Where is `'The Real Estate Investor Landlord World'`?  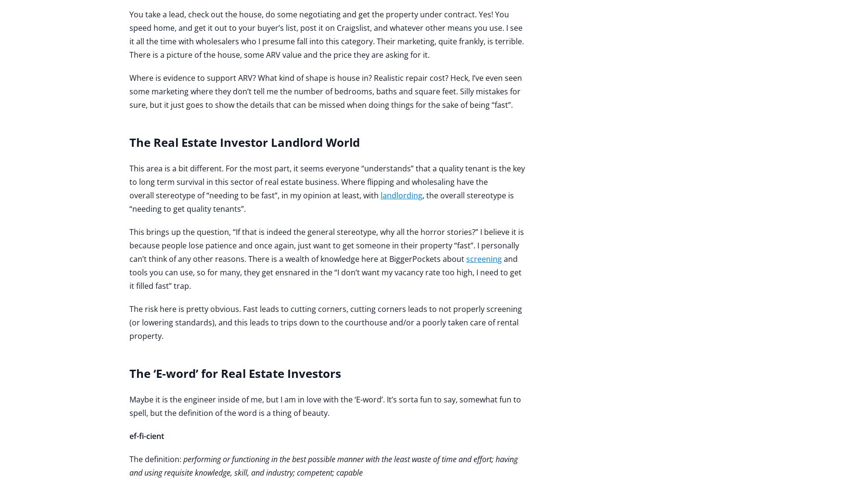
'The Real Estate Investor Landlord World' is located at coordinates (244, 142).